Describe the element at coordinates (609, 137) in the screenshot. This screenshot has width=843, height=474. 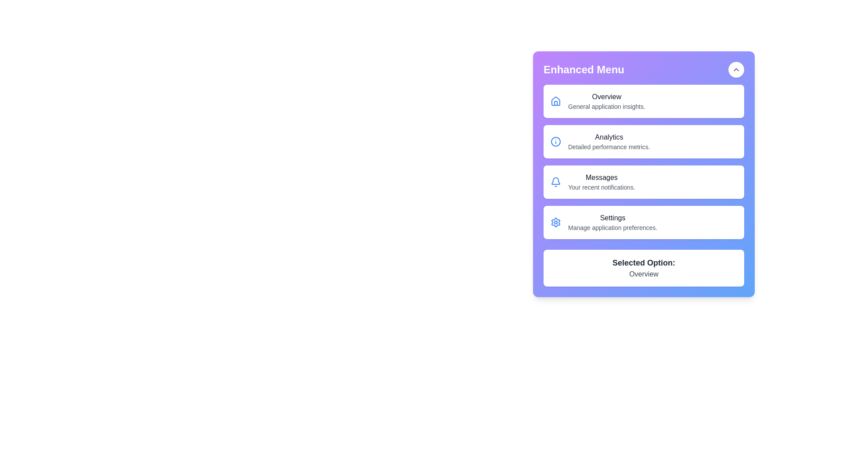
I see `the 'Analytics' text label which serves as a focal point for identifying the menu option, located at the top of the section and preceding the subtitle 'Detailed performance metrics.'` at that location.